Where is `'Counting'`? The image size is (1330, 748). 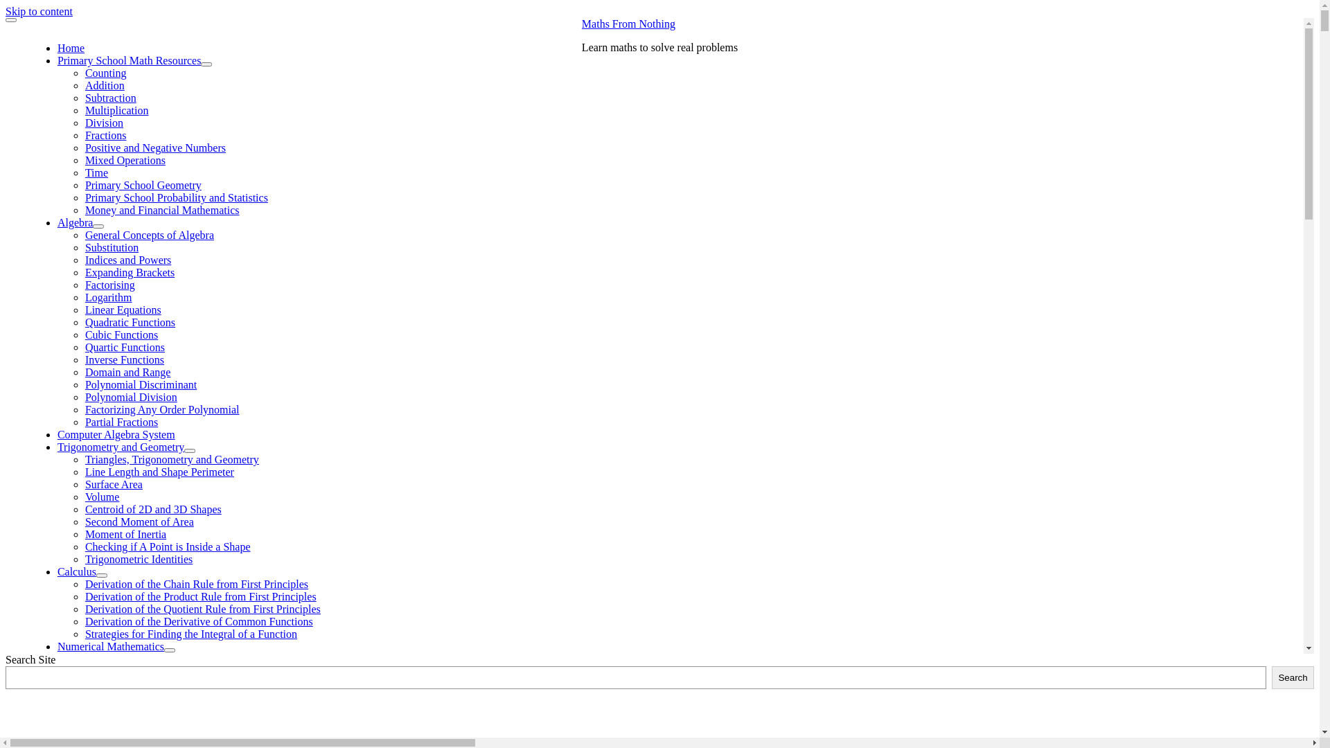 'Counting' is located at coordinates (105, 73).